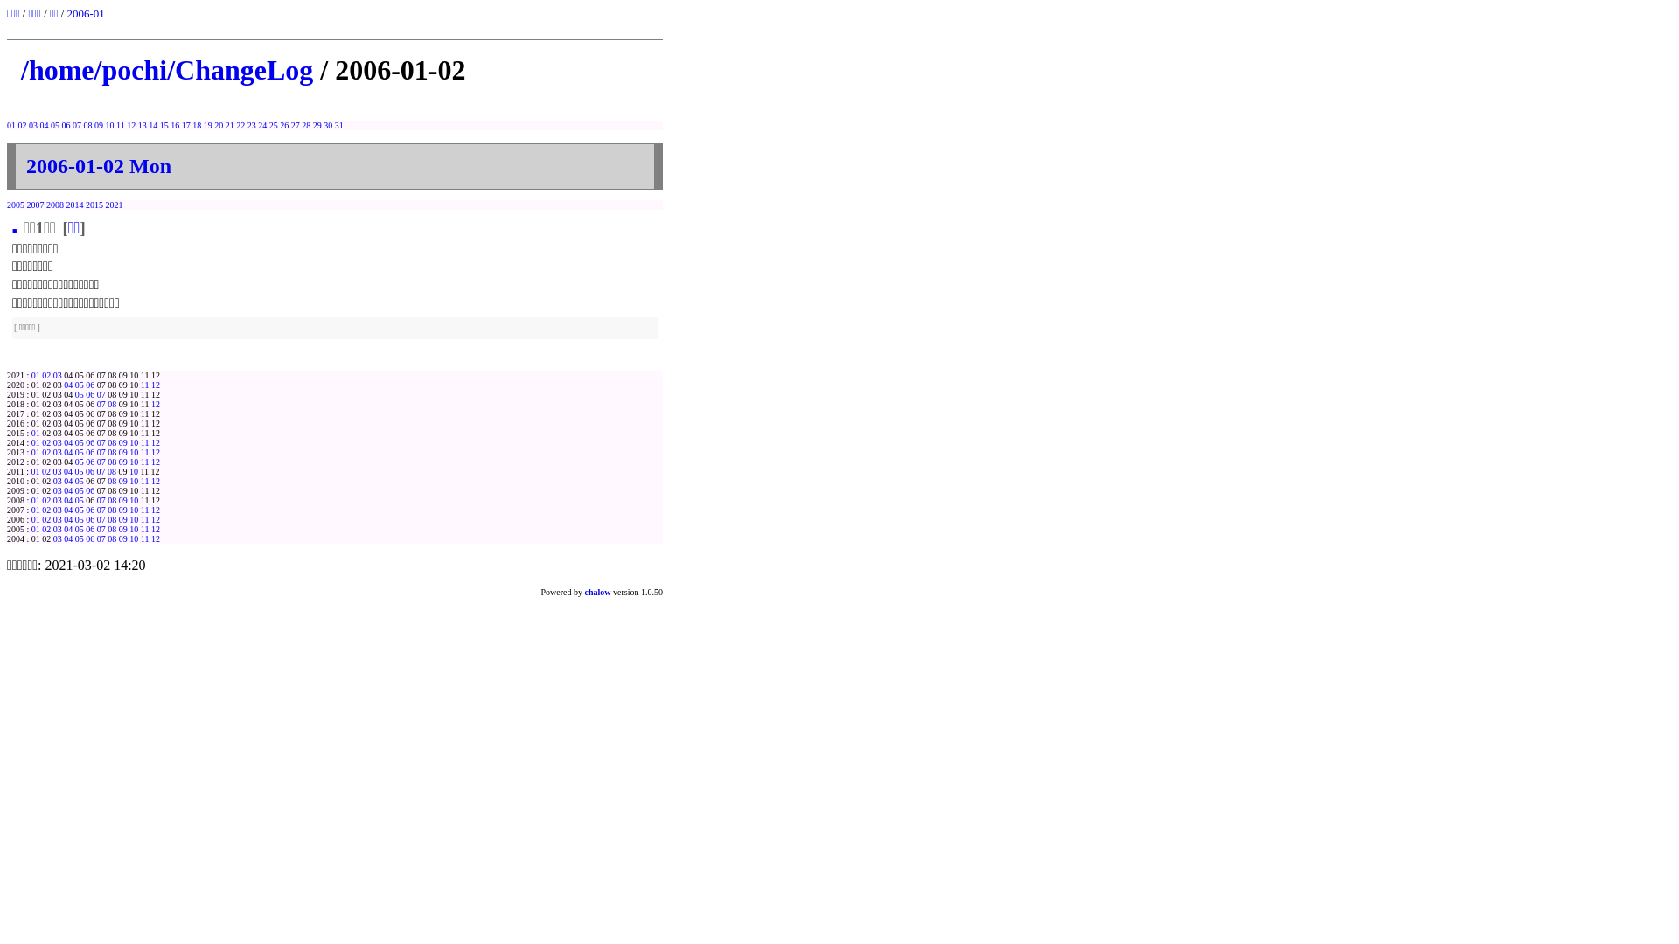 This screenshot has height=944, width=1679. Describe the element at coordinates (45, 518) in the screenshot. I see `'02'` at that location.